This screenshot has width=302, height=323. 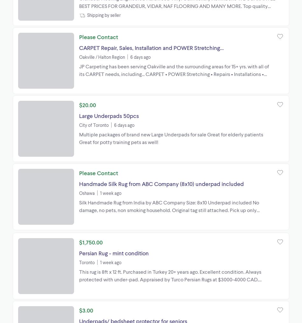 What do you see at coordinates (86, 310) in the screenshot?
I see `'$3.00'` at bounding box center [86, 310].